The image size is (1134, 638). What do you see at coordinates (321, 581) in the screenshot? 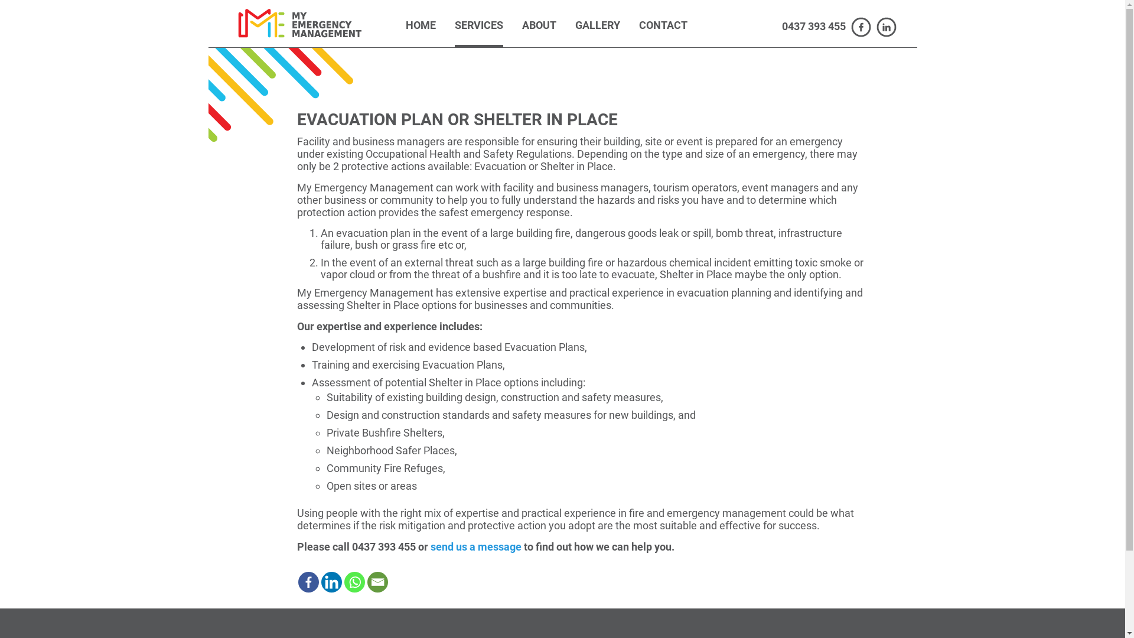
I see `'Linkedin'` at bounding box center [321, 581].